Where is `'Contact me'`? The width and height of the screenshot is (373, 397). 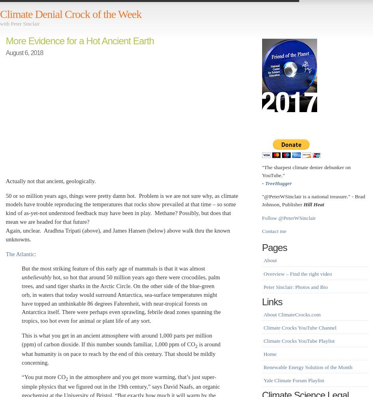
'Contact me' is located at coordinates (273, 231).